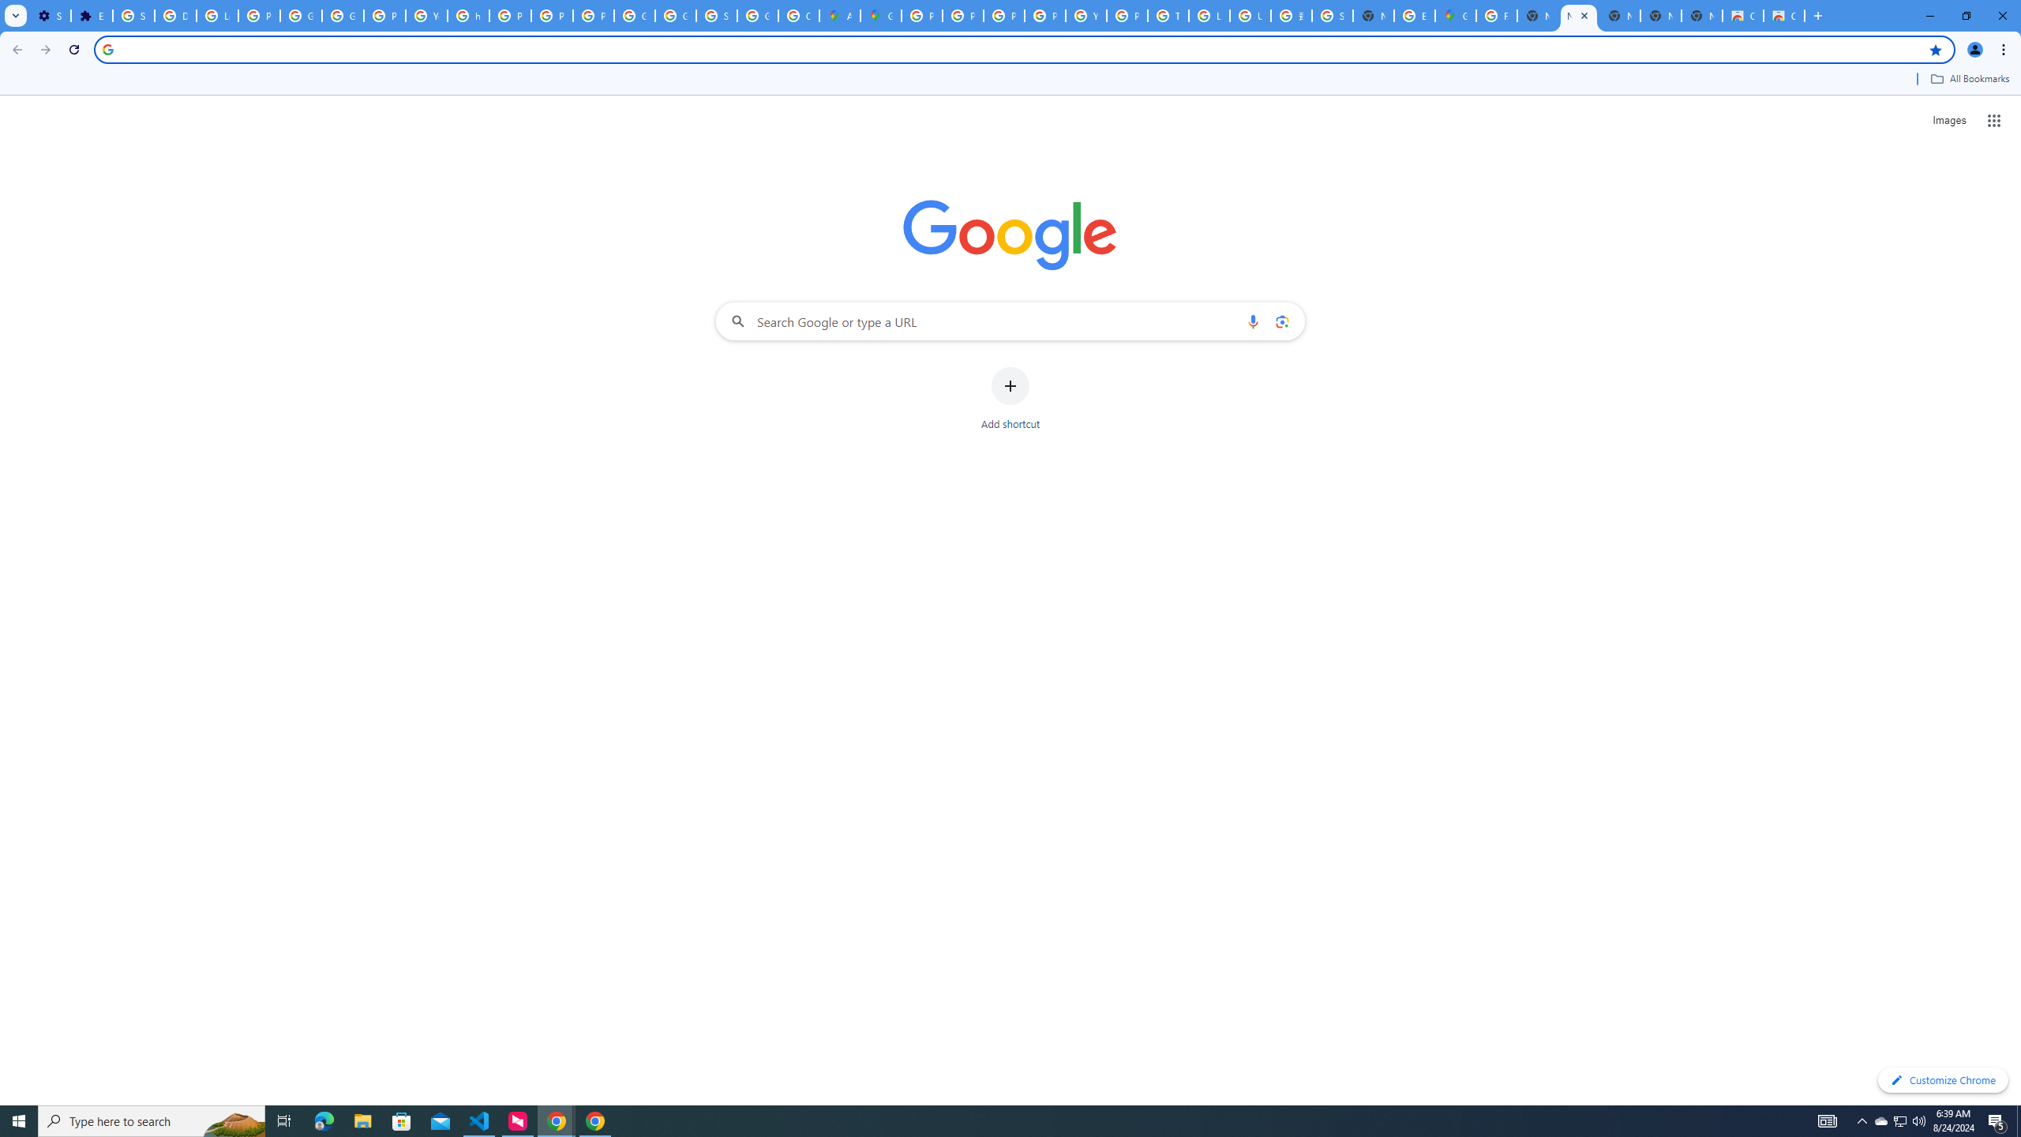 This screenshot has height=1137, width=2021. What do you see at coordinates (1702, 15) in the screenshot?
I see `'New Tab'` at bounding box center [1702, 15].